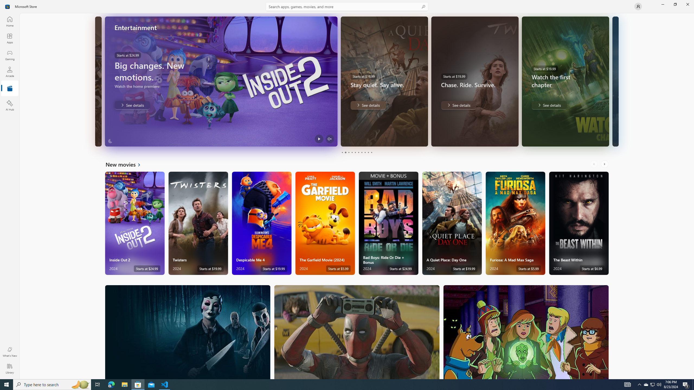  What do you see at coordinates (594, 164) in the screenshot?
I see `'AutomationID: LeftScrollButton'` at bounding box center [594, 164].